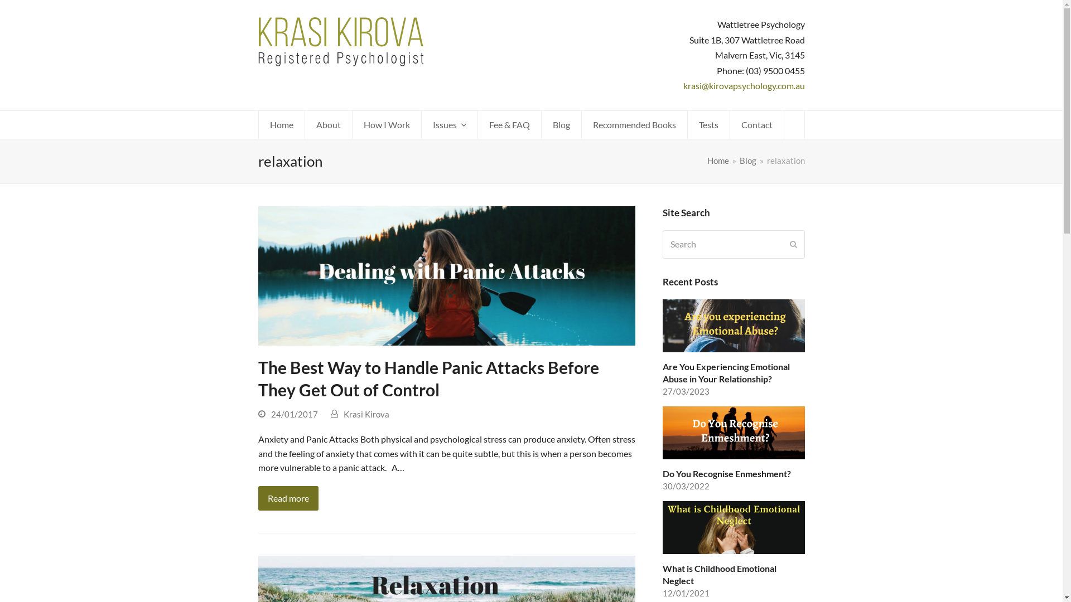 Image resolution: width=1071 pixels, height=602 pixels. I want to click on 'Fee & FAQ', so click(508, 124).